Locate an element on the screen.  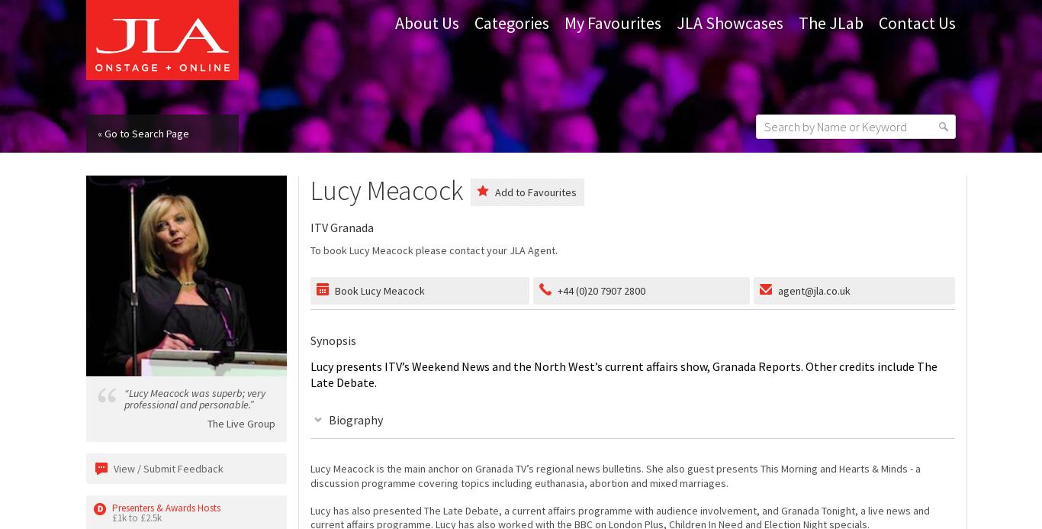
'+44 (0)20 7907 2800' is located at coordinates (600, 289).